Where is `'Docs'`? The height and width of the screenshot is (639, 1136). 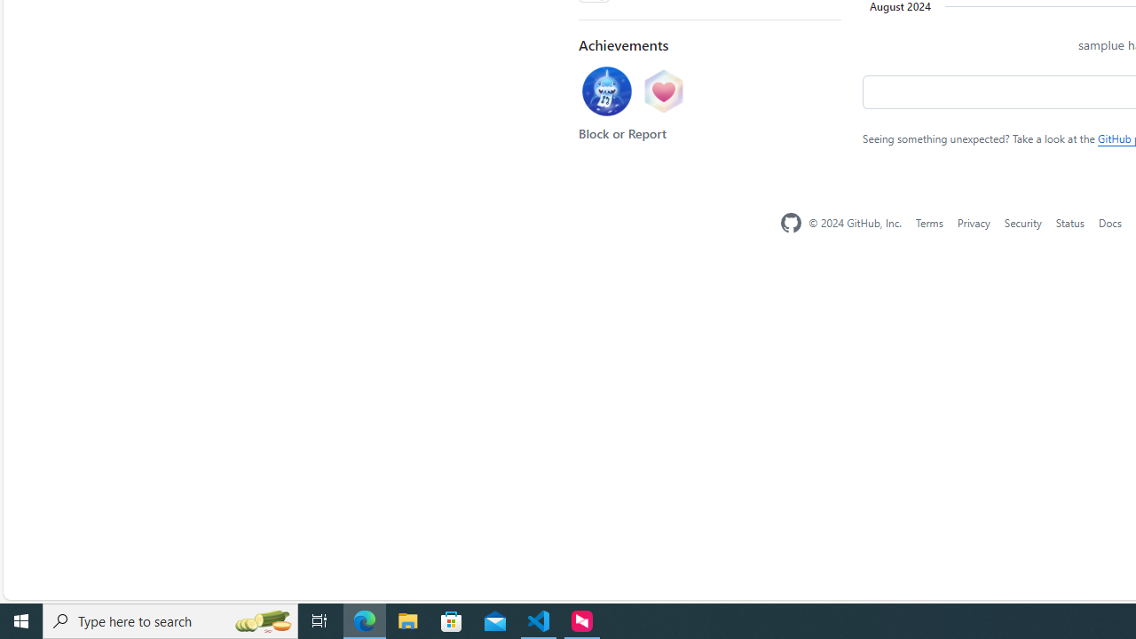 'Docs' is located at coordinates (1108, 221).